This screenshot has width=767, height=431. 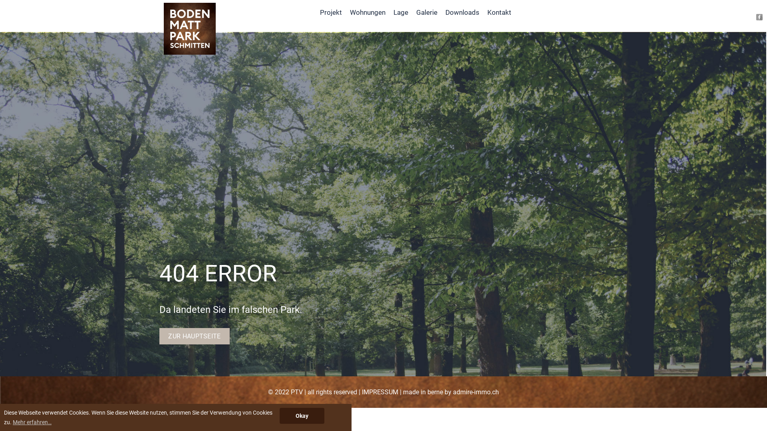 What do you see at coordinates (331, 12) in the screenshot?
I see `'Projekt'` at bounding box center [331, 12].